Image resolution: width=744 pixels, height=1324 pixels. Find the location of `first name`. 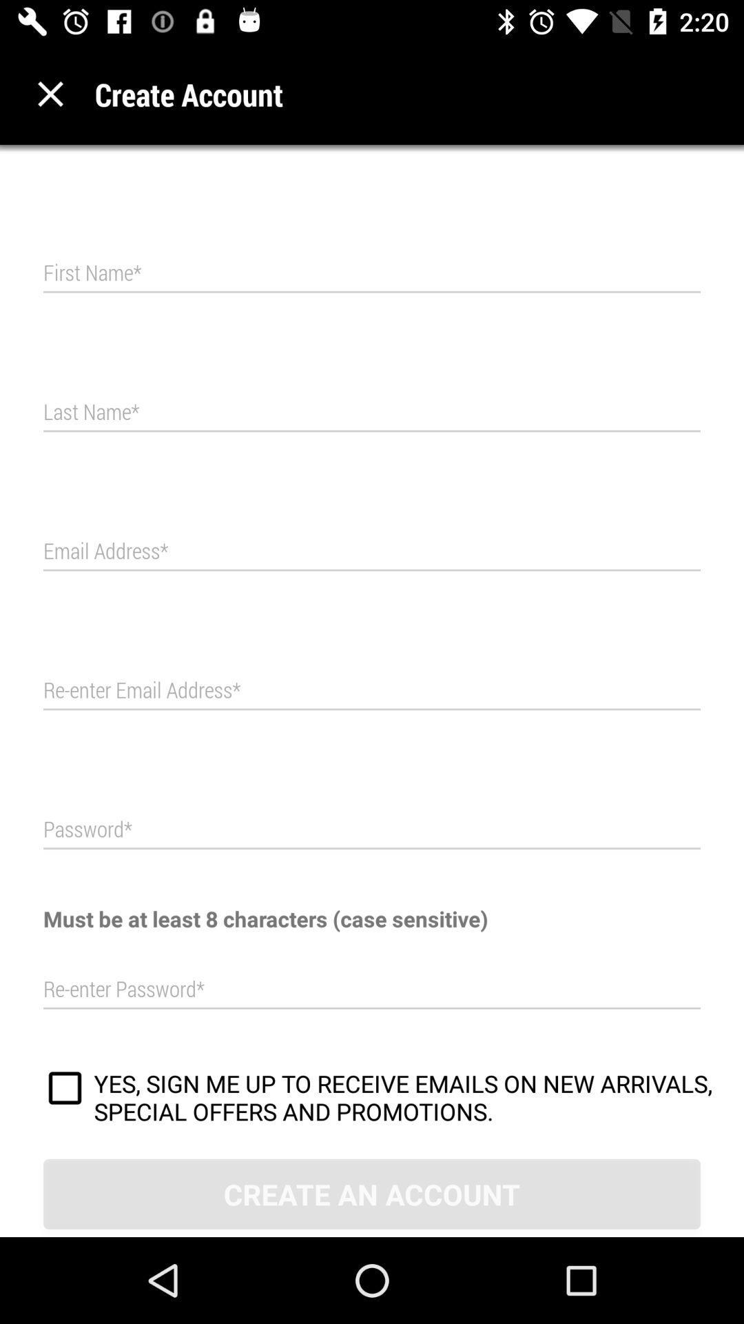

first name is located at coordinates (372, 273).